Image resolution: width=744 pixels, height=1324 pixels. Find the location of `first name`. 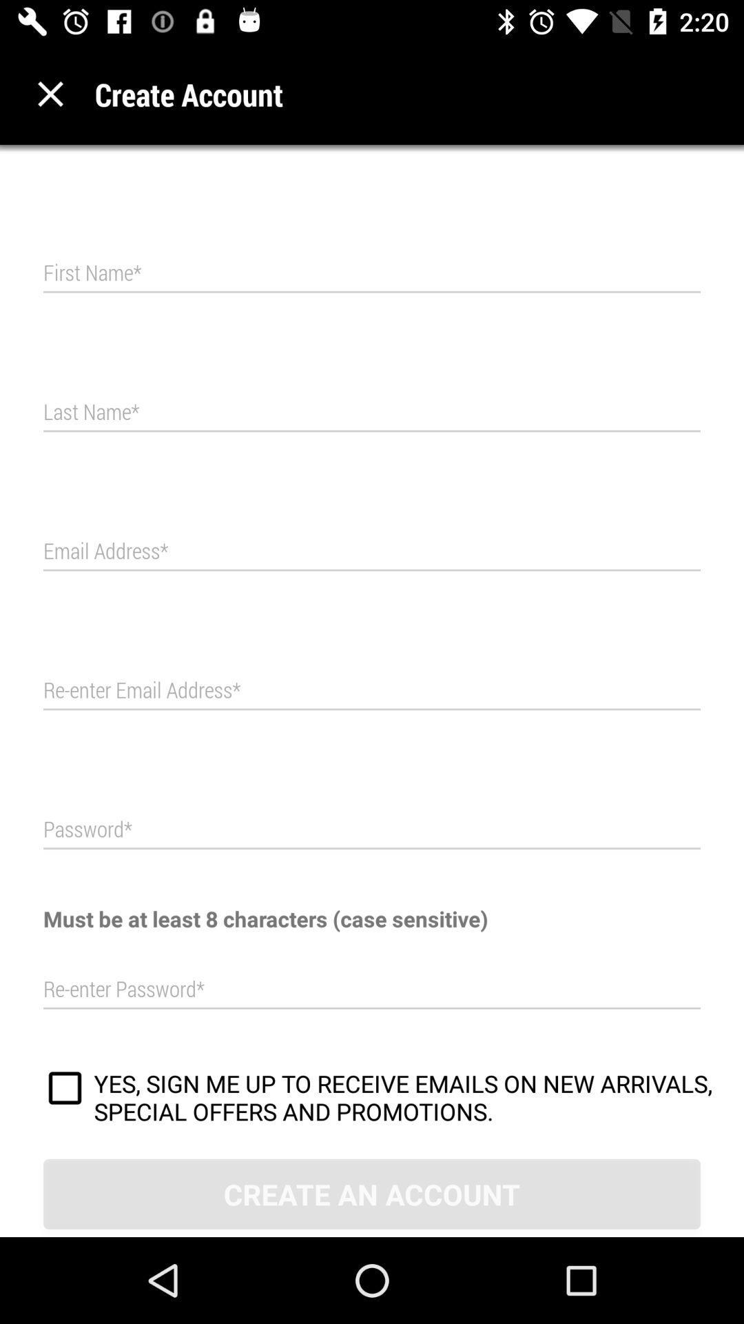

first name is located at coordinates (372, 273).